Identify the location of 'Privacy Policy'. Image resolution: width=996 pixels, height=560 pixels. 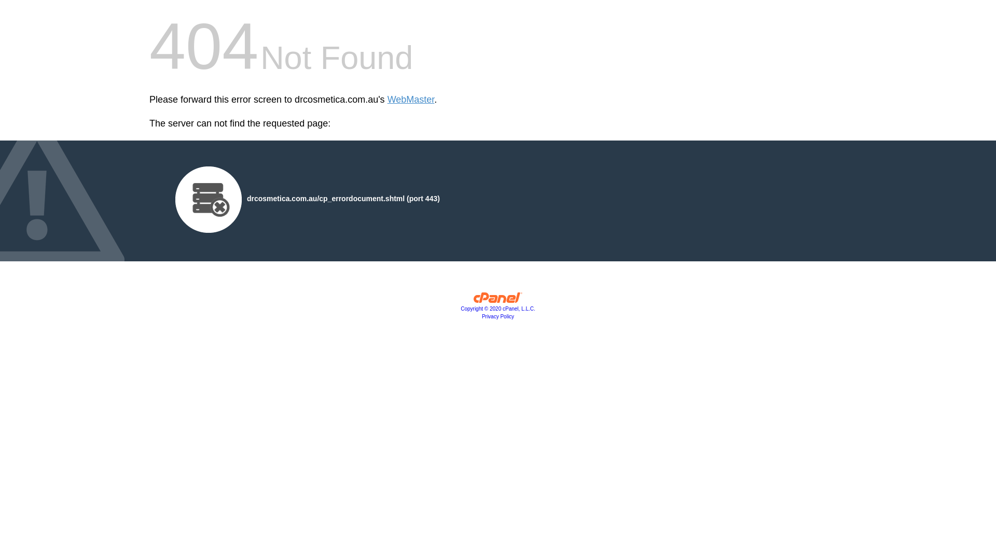
(498, 316).